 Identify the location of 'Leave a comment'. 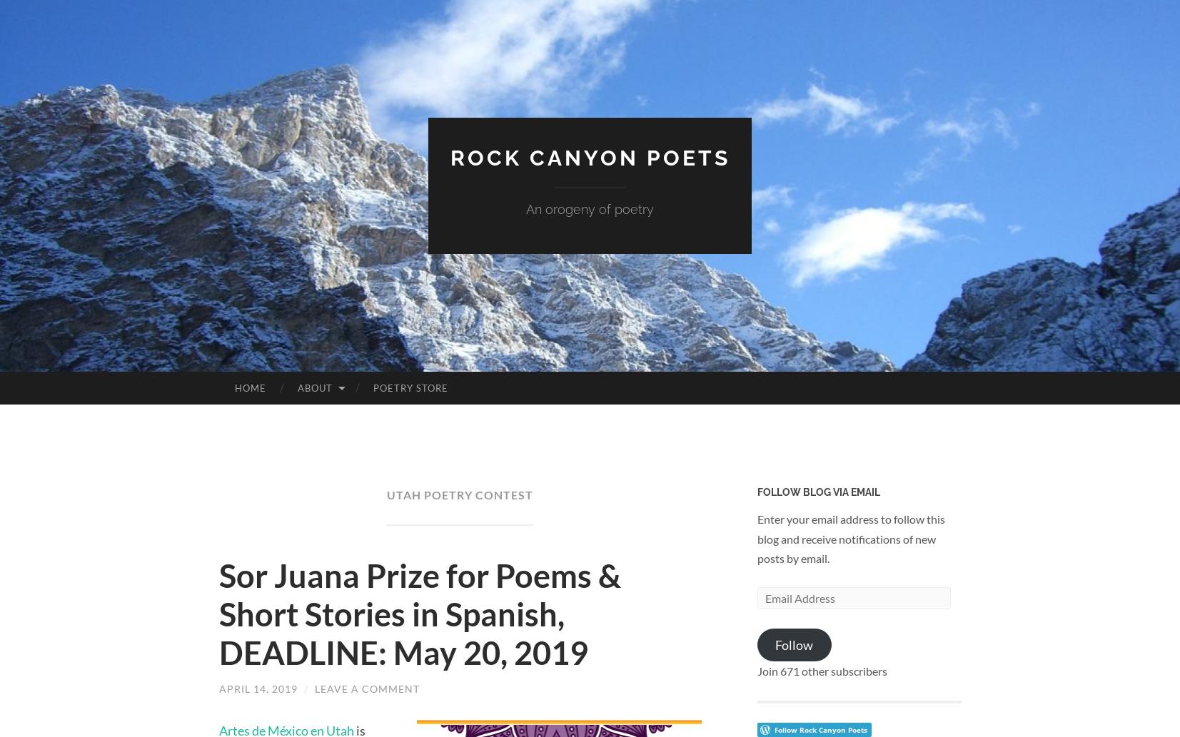
(365, 688).